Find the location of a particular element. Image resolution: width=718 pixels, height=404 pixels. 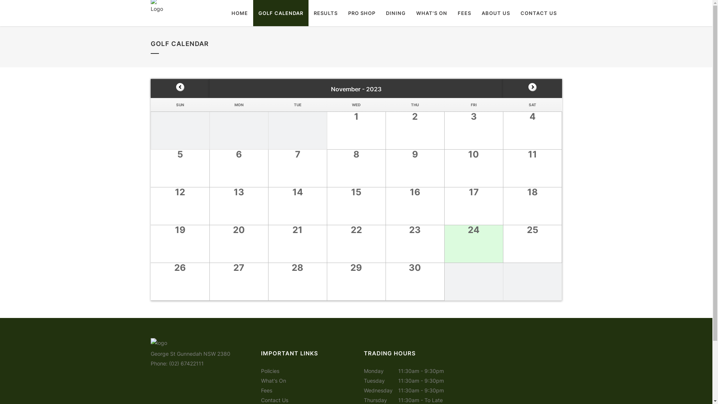

'PRO SHOP' is located at coordinates (342, 13).